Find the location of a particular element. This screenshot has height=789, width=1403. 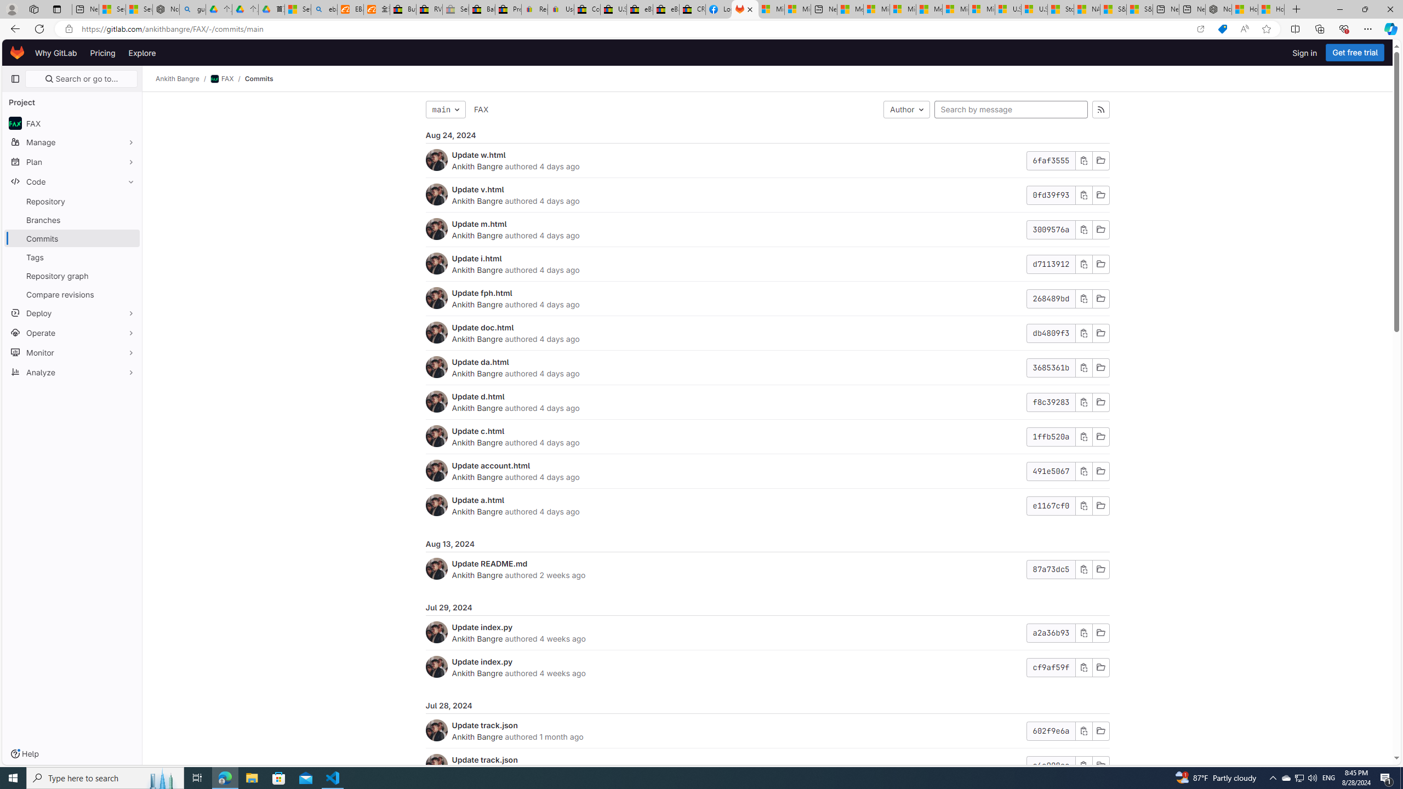

'Plan' is located at coordinates (71, 161).